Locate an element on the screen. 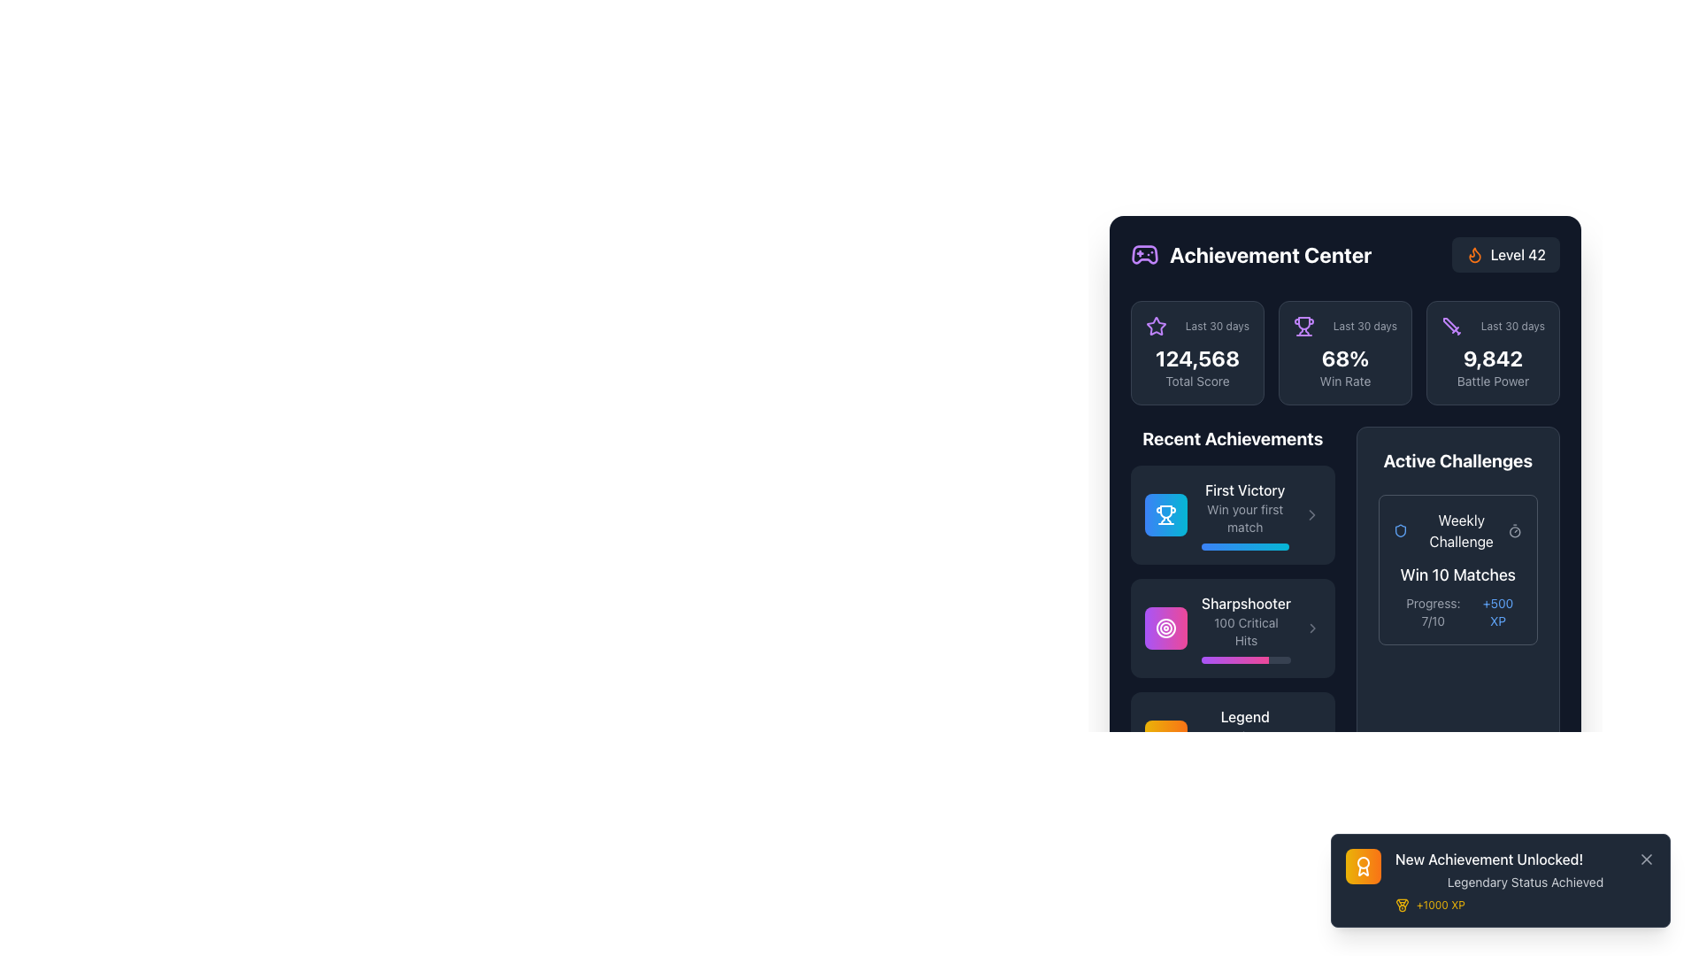  the header section of the 'Achievement Center' interface is located at coordinates (1345, 255).